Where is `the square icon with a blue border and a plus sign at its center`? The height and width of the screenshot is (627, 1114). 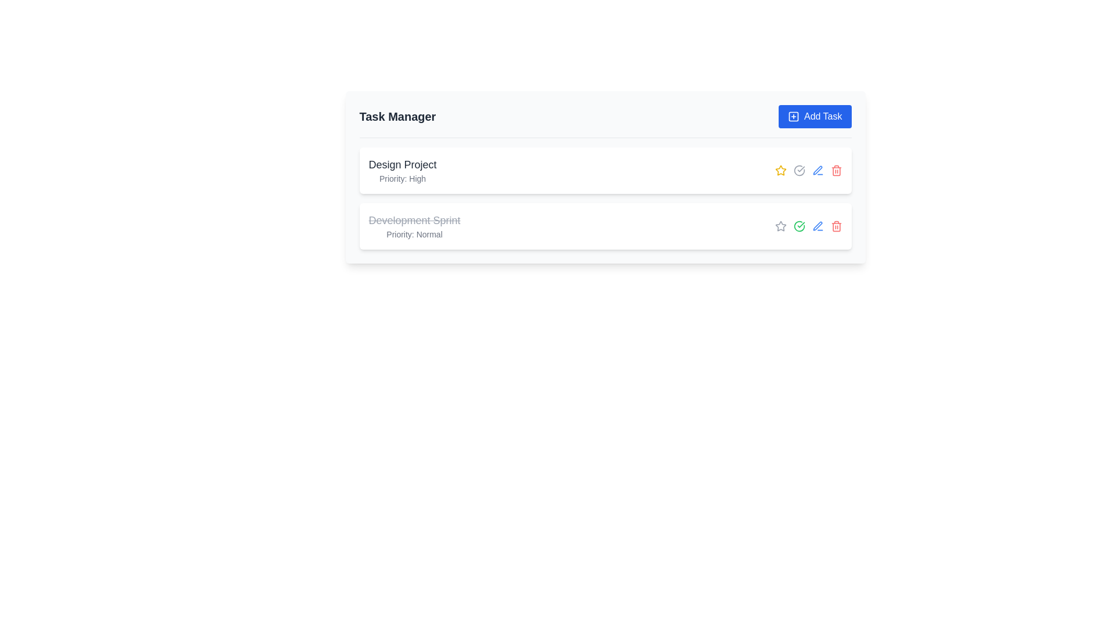 the square icon with a blue border and a plus sign at its center is located at coordinates (793, 116).